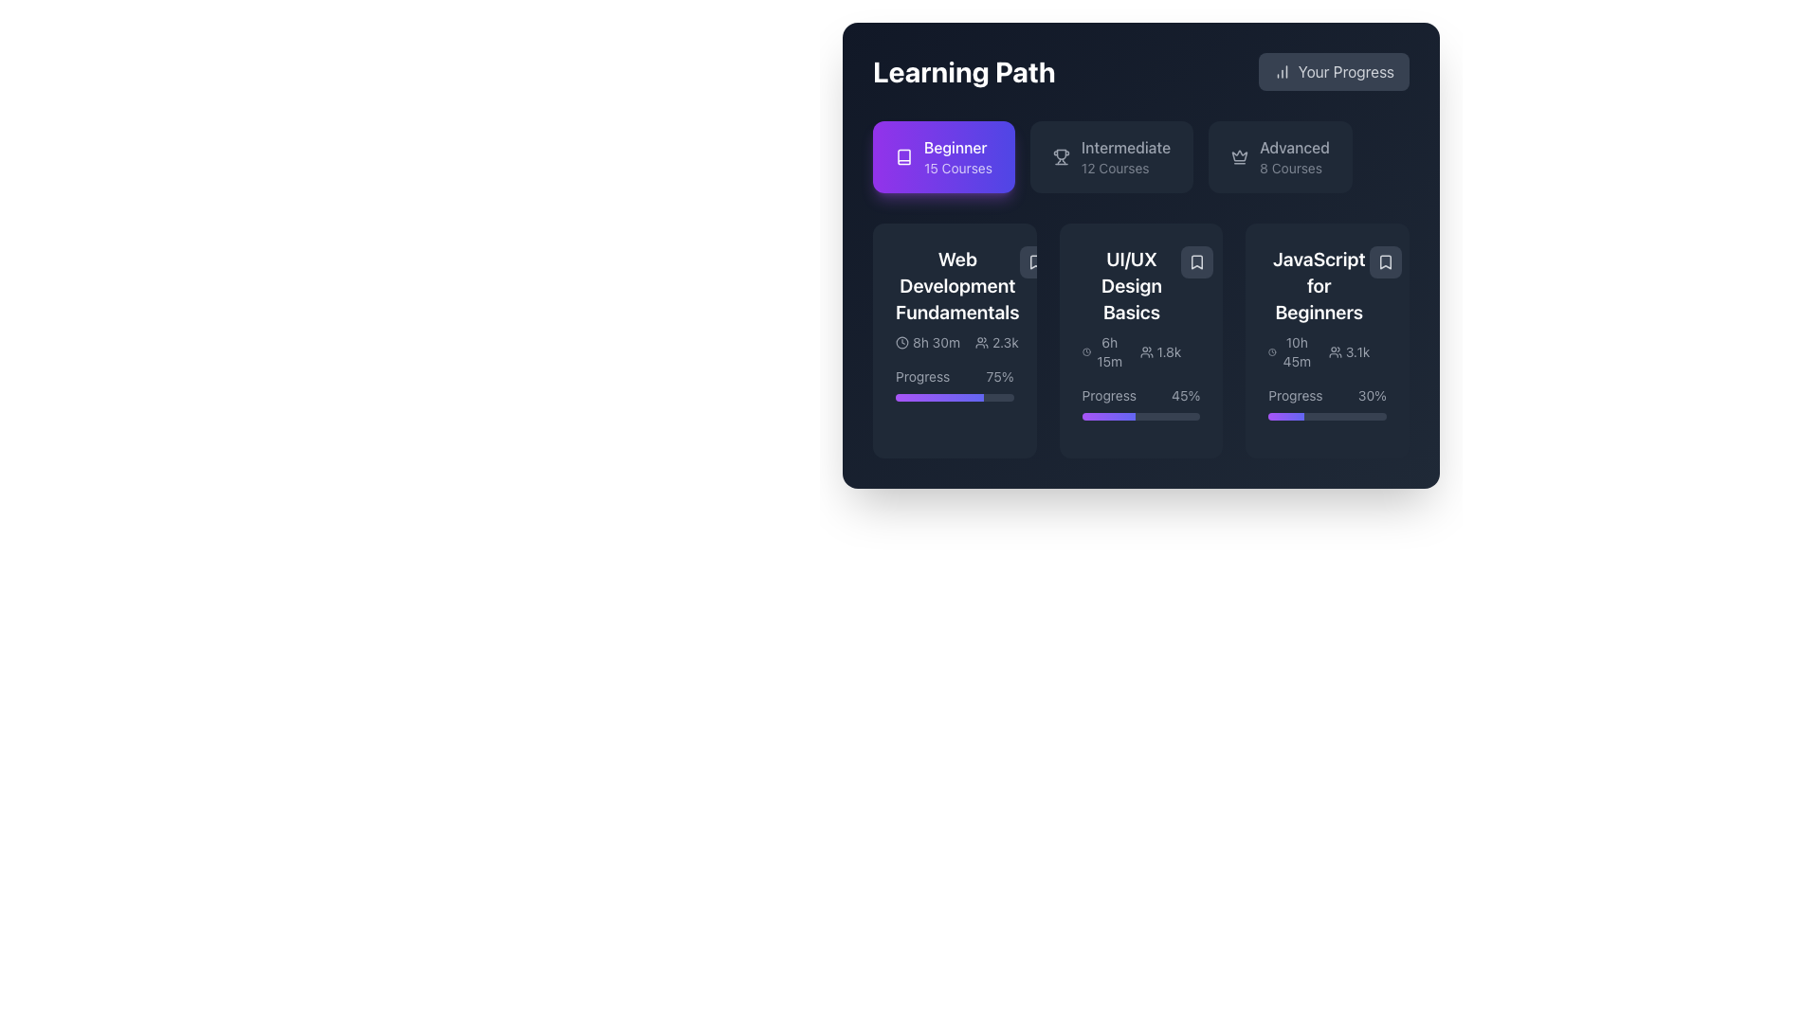 This screenshot has height=1023, width=1820. Describe the element at coordinates (1356, 351) in the screenshot. I see `the static text displaying the numerical statistic associated with the icon representing a group of people in the card titled 'JavaScript for Beginners'` at that location.